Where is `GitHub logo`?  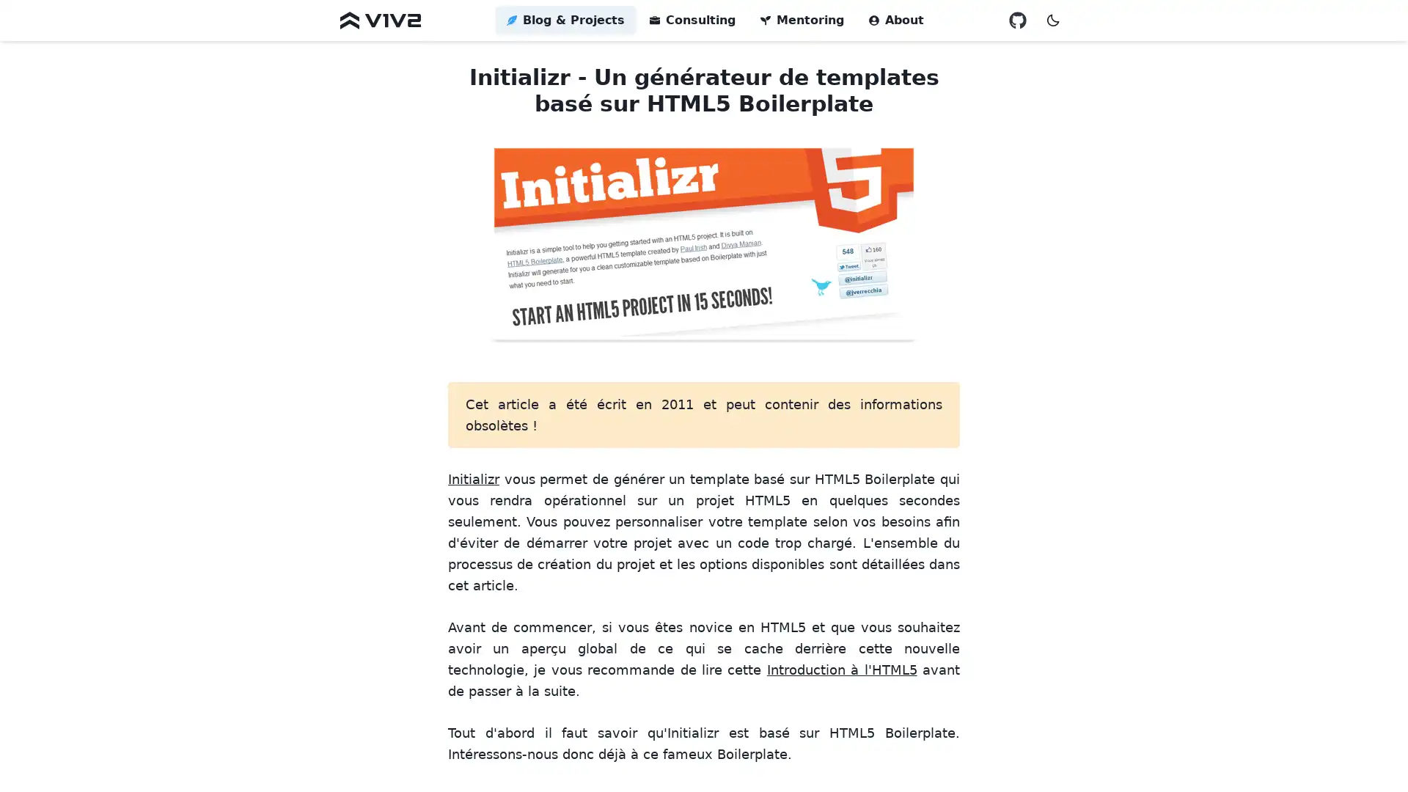
GitHub logo is located at coordinates (1016, 20).